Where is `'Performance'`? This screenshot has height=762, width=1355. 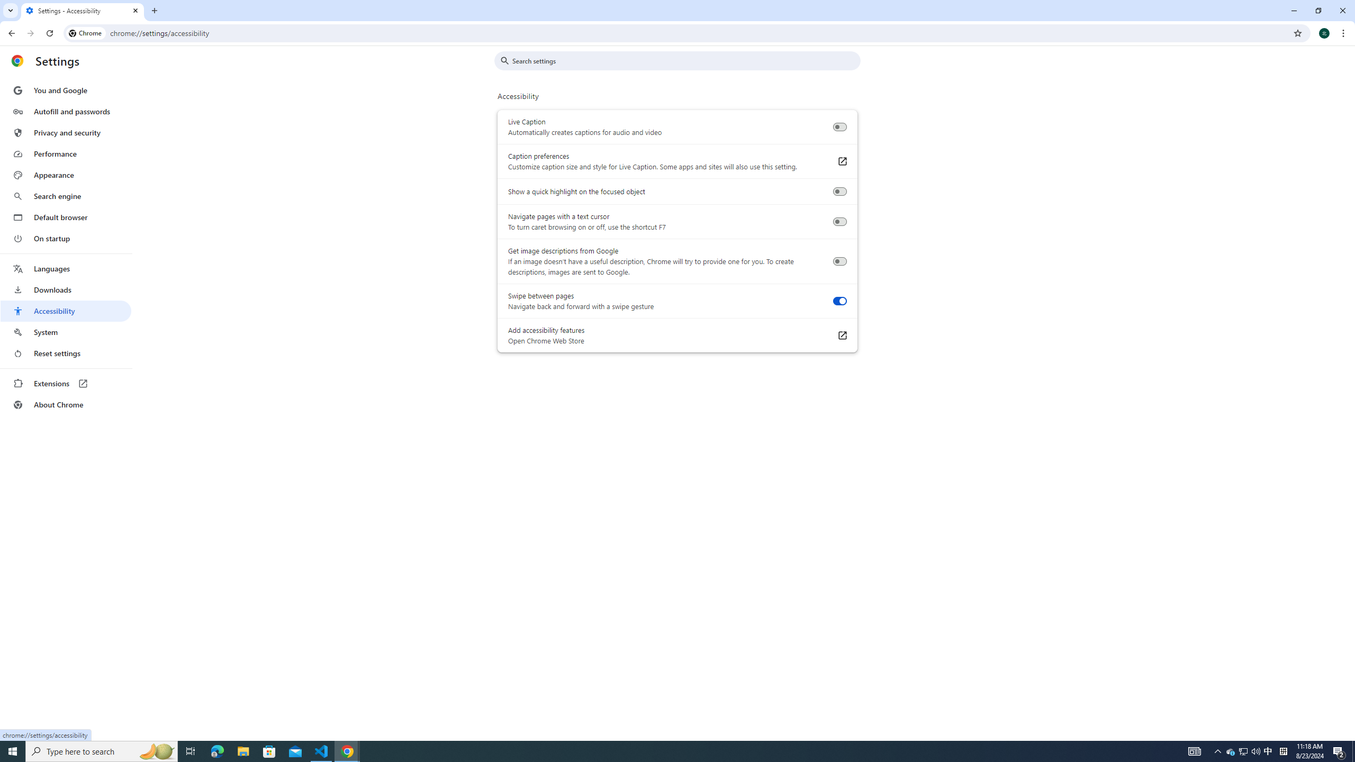
'Performance' is located at coordinates (65, 153).